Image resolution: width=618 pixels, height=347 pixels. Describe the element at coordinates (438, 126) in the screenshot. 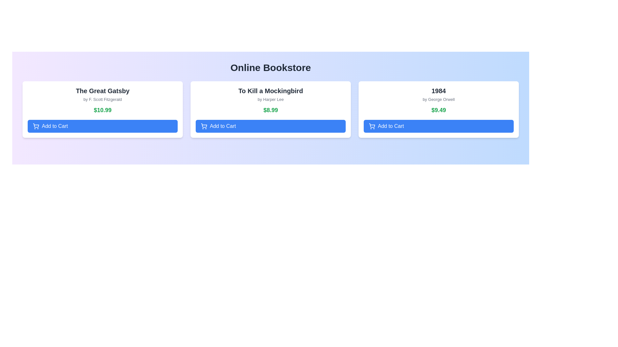

I see `the 'Add to Cart' button located at the bottom-right corner of the card for the book '1984' by George Orwell` at that location.